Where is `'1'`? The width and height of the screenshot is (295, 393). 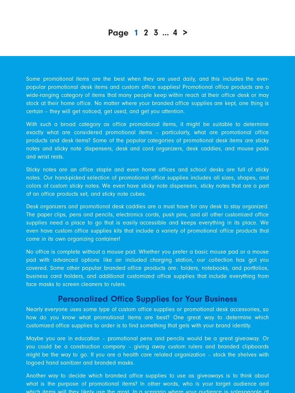 '1' is located at coordinates (135, 31).